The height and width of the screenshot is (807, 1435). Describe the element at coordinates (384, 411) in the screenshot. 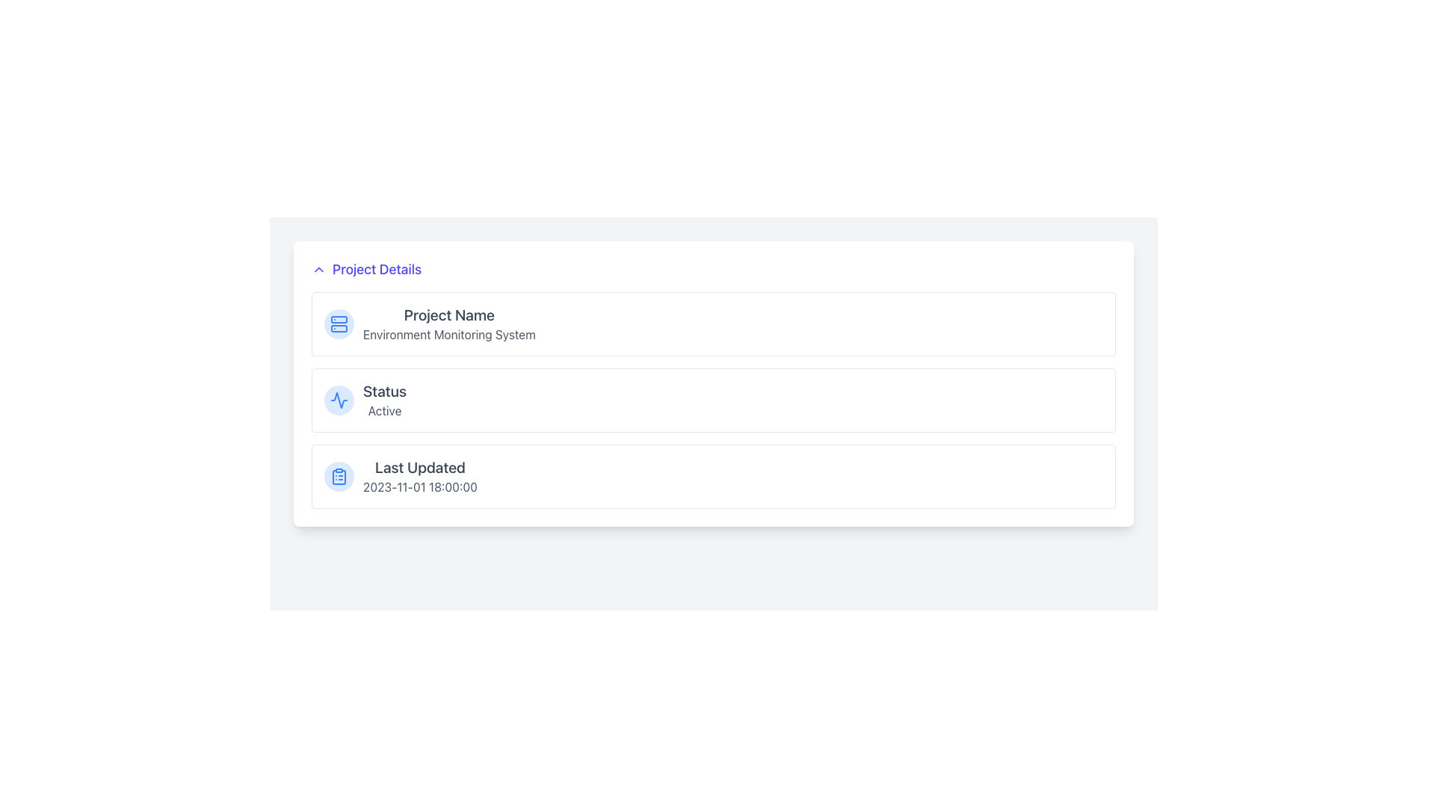

I see `status displayed in the text label located in the 'Status' subsection of the 'Project Details' card, positioned right below the title 'Status'` at that location.